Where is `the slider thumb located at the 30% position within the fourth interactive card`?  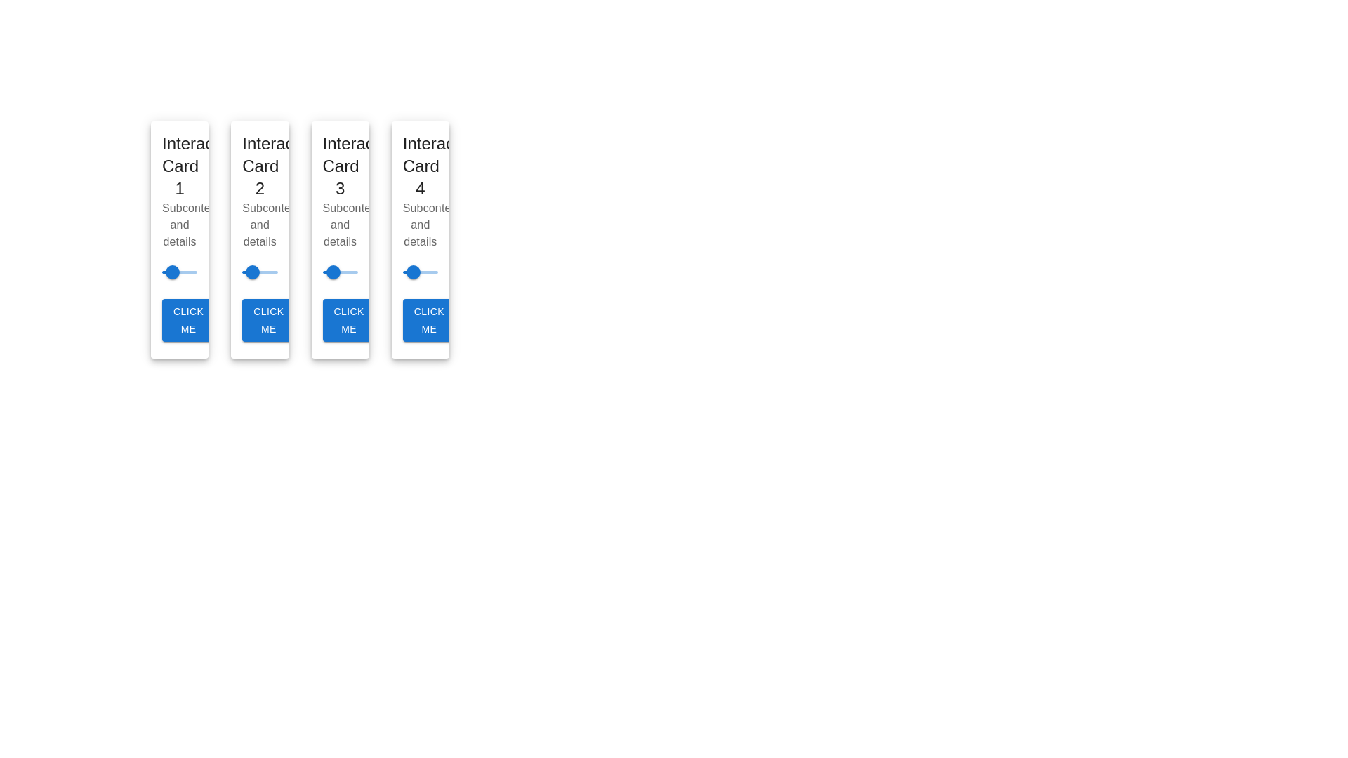
the slider thumb located at the 30% position within the fourth interactive card is located at coordinates (412, 272).